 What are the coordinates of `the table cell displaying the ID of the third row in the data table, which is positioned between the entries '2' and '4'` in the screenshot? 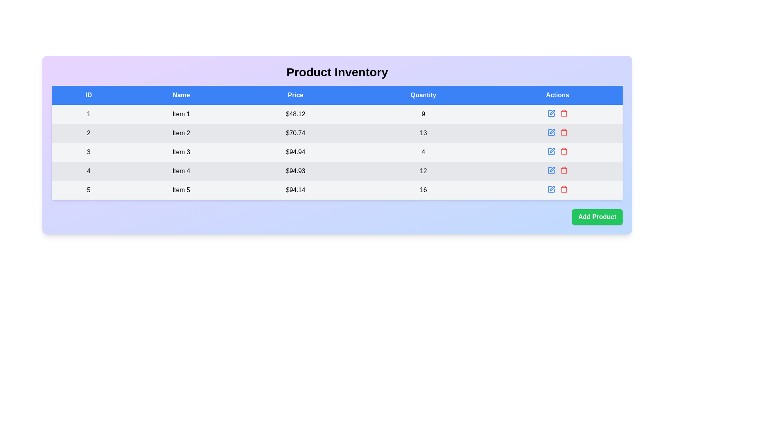 It's located at (89, 152).